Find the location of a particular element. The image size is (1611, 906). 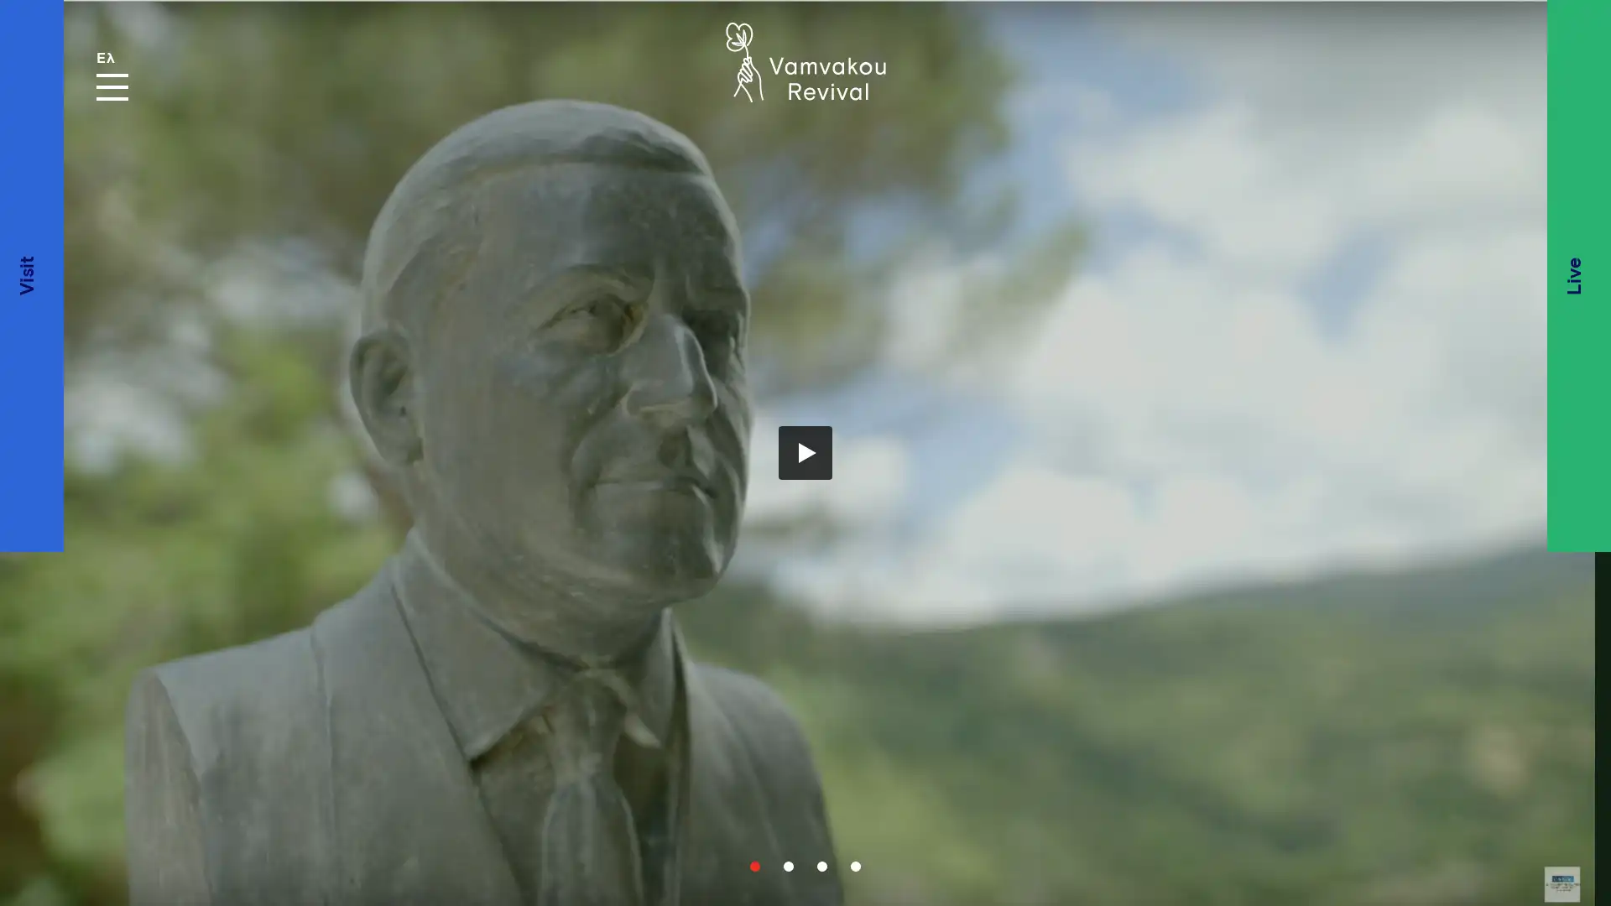

MENU is located at coordinates (112, 87).